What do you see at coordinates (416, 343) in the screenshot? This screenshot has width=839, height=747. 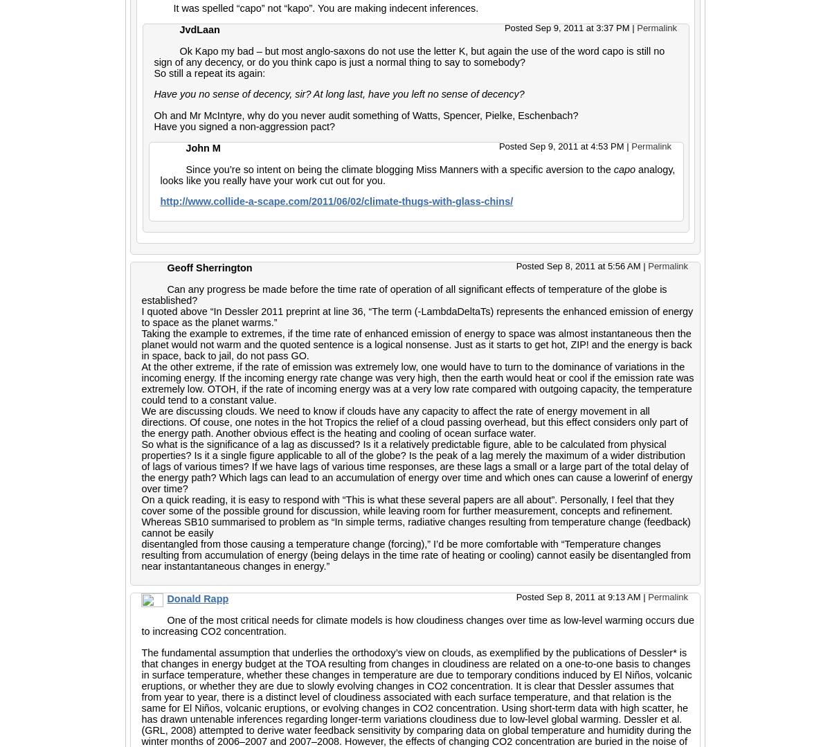 I see `'Taking the example to extremes, if the time rate of enhanced emission of energy to space was almost instantaneous then the planet would not warm and the quoted sentence is a logical nonsense. Just as it starts to get hot, ZIP! and the energy is back in space, back to jail, do not pass GO.'` at bounding box center [416, 343].